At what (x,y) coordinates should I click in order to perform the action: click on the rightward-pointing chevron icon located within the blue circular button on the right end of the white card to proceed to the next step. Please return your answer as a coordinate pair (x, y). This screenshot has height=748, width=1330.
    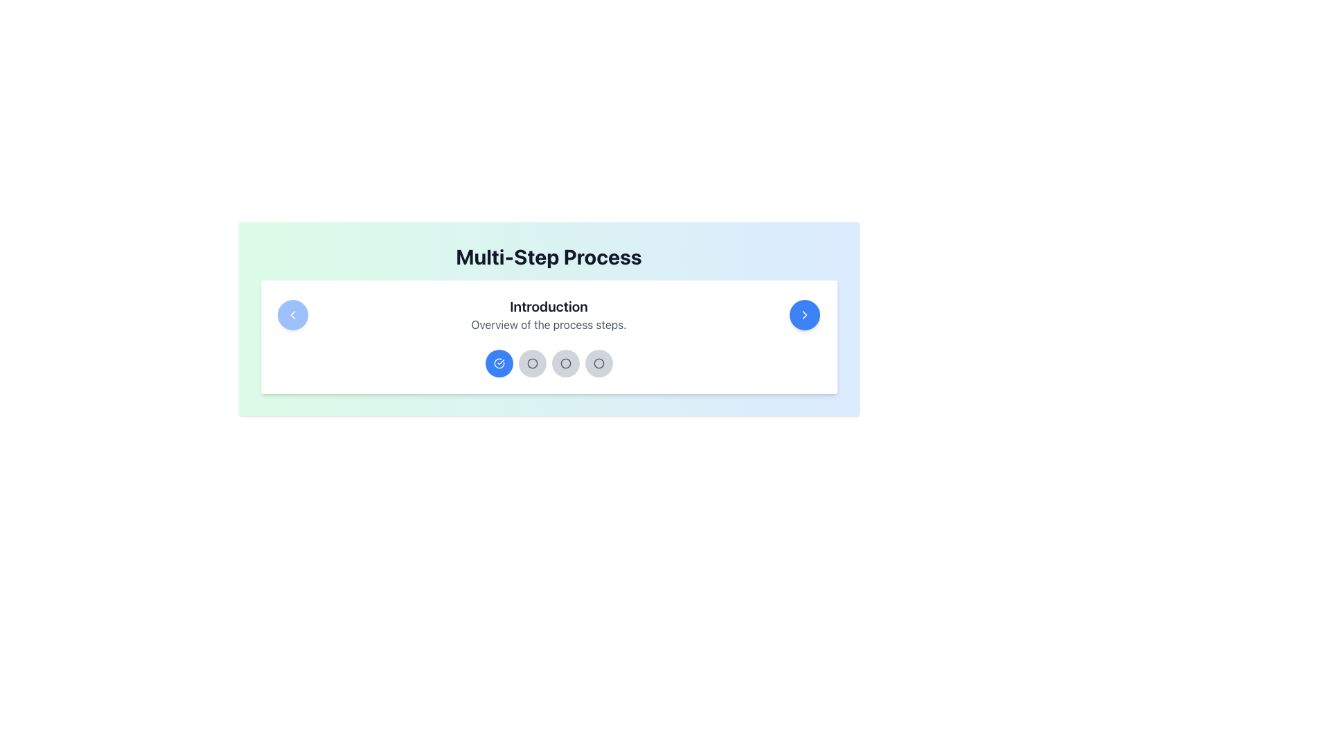
    Looking at the image, I should click on (805, 315).